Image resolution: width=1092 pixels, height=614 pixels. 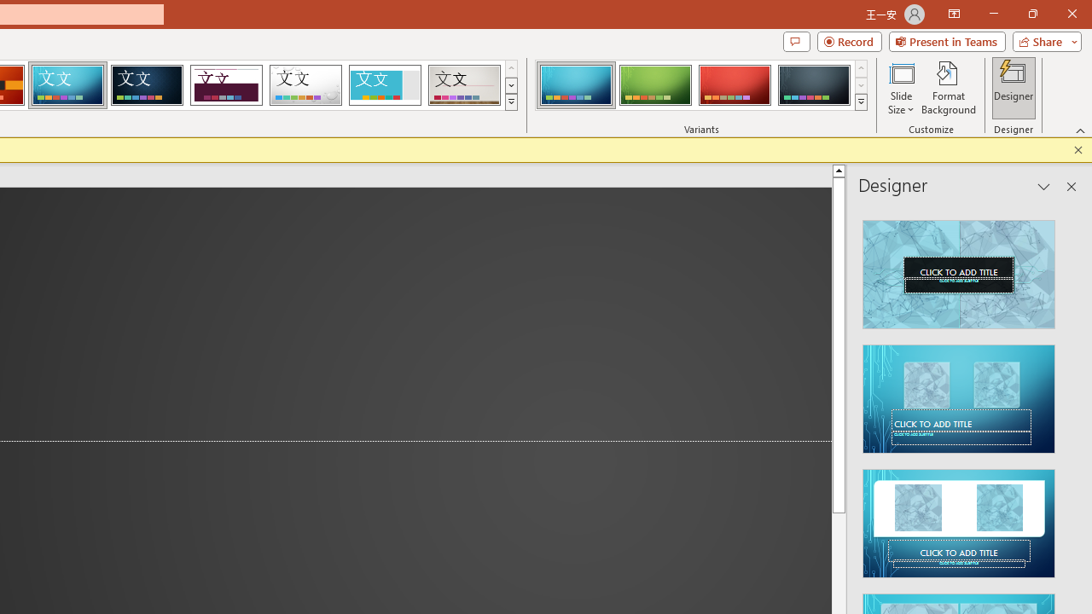 I want to click on 'Format Background', so click(x=948, y=88).